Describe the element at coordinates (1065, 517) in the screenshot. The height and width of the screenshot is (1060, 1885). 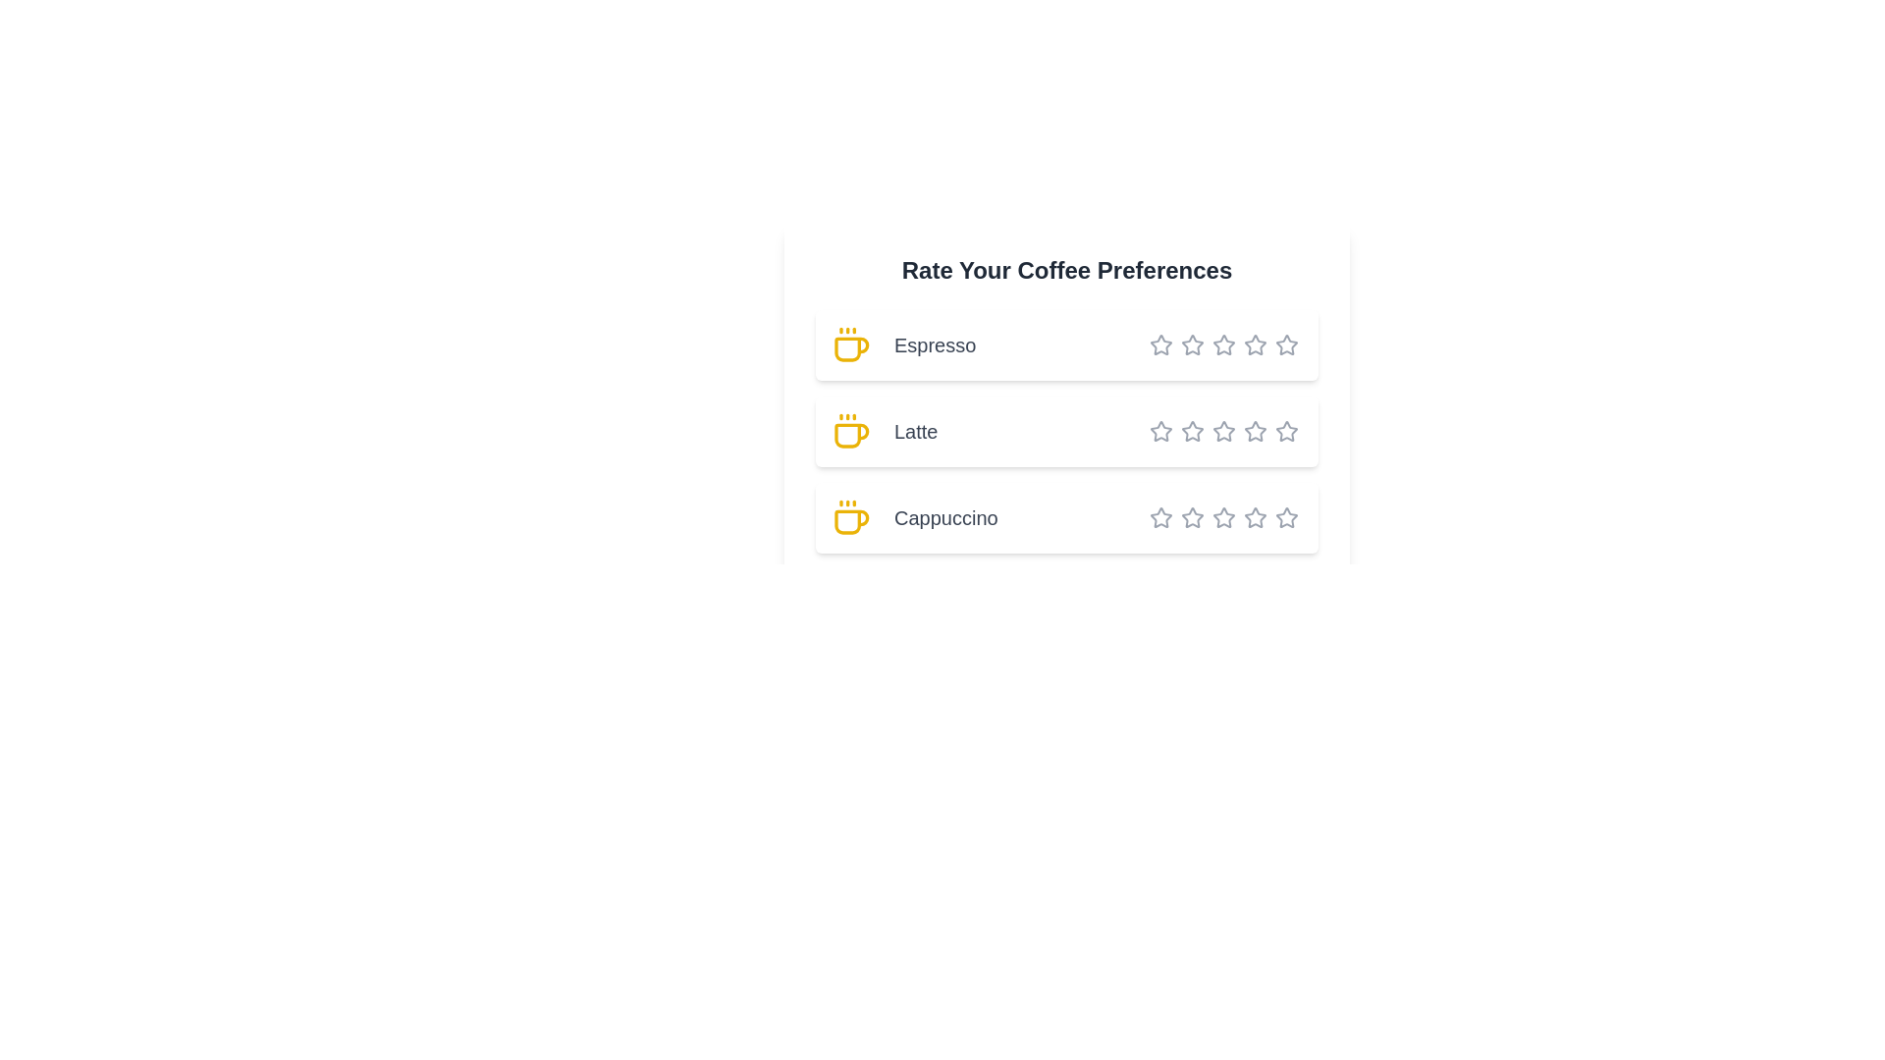
I see `the coffee name Cappuccino to select the text` at that location.